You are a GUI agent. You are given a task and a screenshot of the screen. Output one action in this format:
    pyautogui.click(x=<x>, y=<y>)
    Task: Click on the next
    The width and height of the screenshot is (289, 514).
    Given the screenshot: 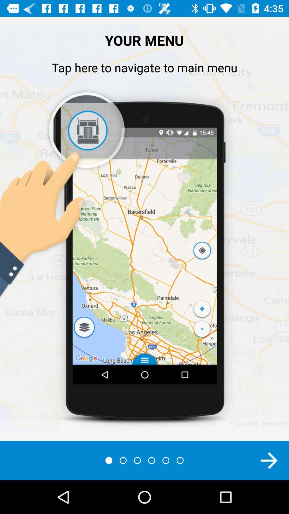 What is the action you would take?
    pyautogui.click(x=269, y=460)
    